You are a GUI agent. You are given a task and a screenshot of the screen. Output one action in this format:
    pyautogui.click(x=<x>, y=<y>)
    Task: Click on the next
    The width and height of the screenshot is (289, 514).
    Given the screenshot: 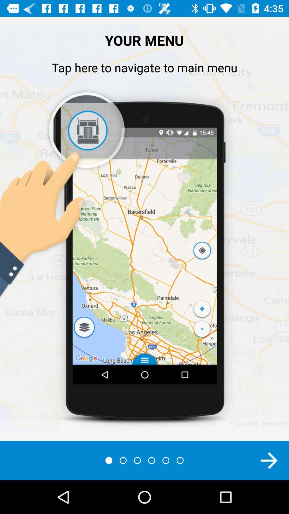 What is the action you would take?
    pyautogui.click(x=269, y=460)
    